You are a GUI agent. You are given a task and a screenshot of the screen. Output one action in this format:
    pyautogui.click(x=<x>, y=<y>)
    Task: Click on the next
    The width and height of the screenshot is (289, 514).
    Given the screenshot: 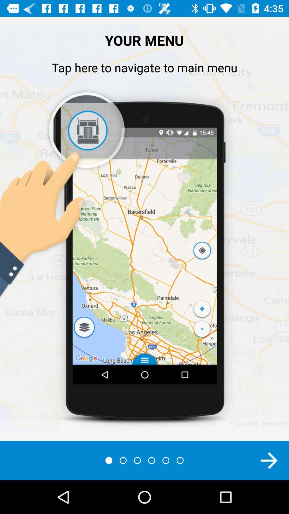 What is the action you would take?
    pyautogui.click(x=269, y=460)
    